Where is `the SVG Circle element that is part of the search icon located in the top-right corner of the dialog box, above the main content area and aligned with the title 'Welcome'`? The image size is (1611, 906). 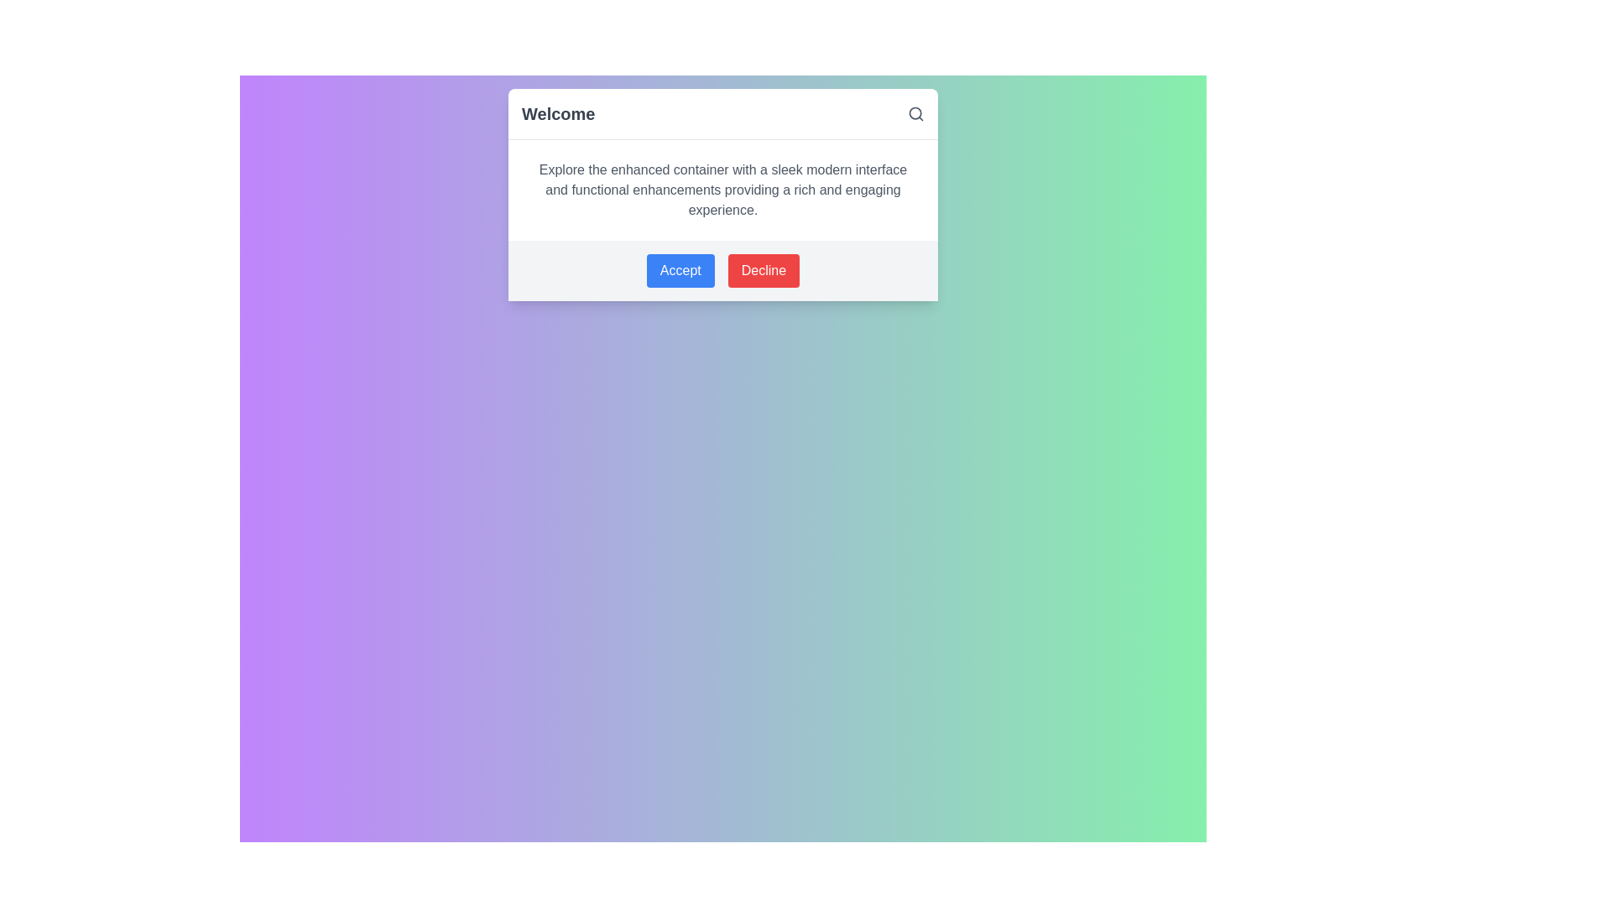 the SVG Circle element that is part of the search icon located in the top-right corner of the dialog box, above the main content area and aligned with the title 'Welcome' is located at coordinates (915, 113).